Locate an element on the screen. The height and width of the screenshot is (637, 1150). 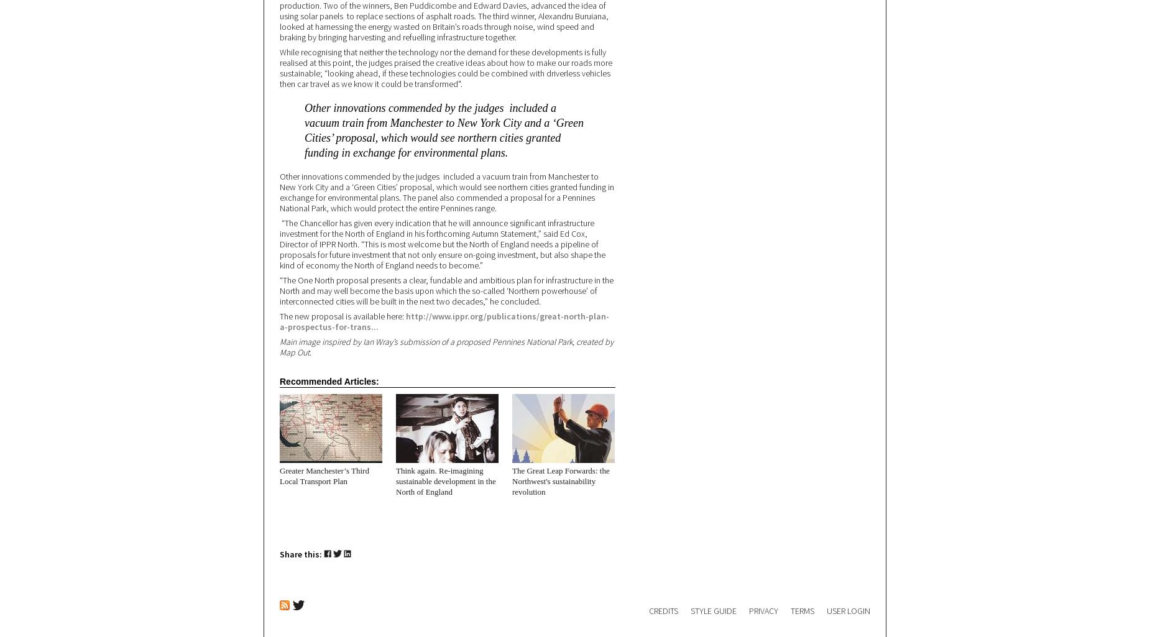
'Main image inspired by Ian Wray’s submission of a proposed Pennines National Park, created by Map Out.' is located at coordinates (446, 346).